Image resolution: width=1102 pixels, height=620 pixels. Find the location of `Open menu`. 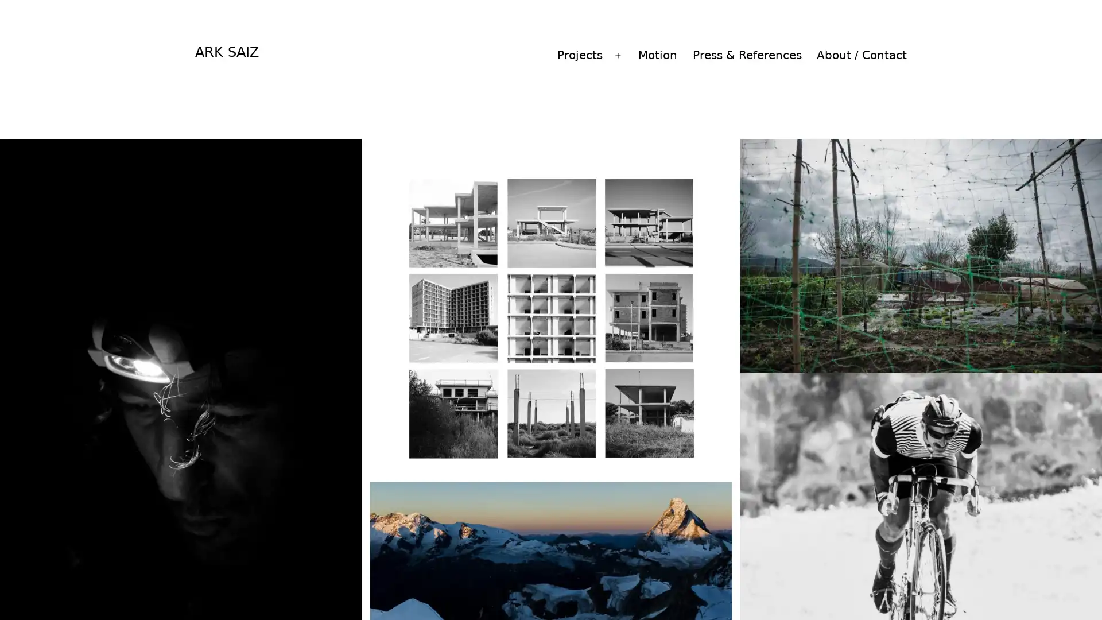

Open menu is located at coordinates (617, 55).